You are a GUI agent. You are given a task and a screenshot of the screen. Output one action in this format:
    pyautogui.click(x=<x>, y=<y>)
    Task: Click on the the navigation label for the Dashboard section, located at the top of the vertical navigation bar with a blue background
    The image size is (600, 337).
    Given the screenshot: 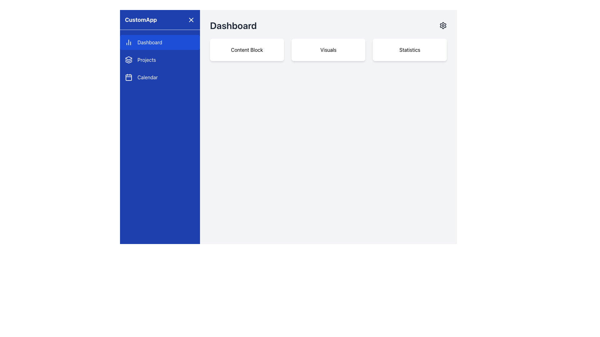 What is the action you would take?
    pyautogui.click(x=149, y=42)
    